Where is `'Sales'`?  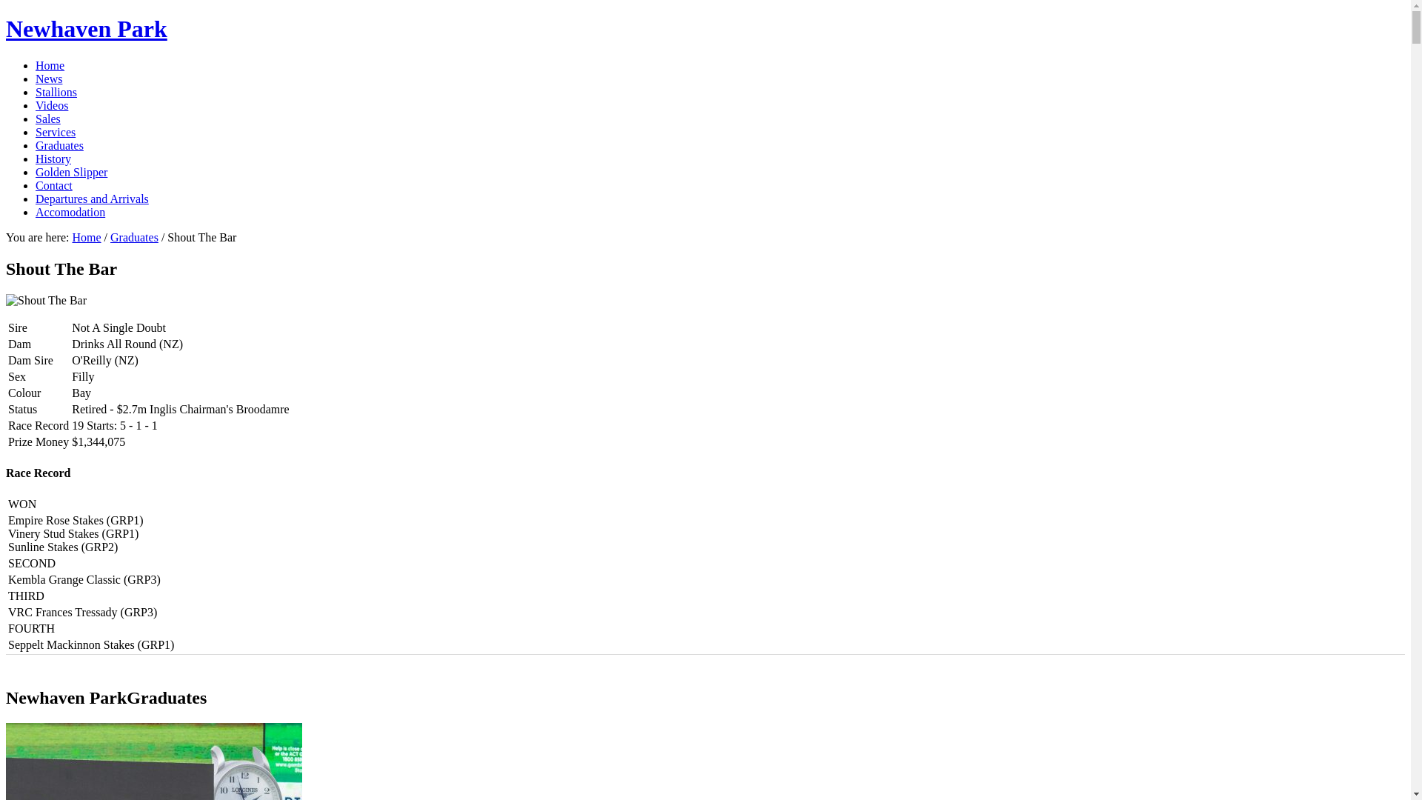 'Sales' is located at coordinates (48, 118).